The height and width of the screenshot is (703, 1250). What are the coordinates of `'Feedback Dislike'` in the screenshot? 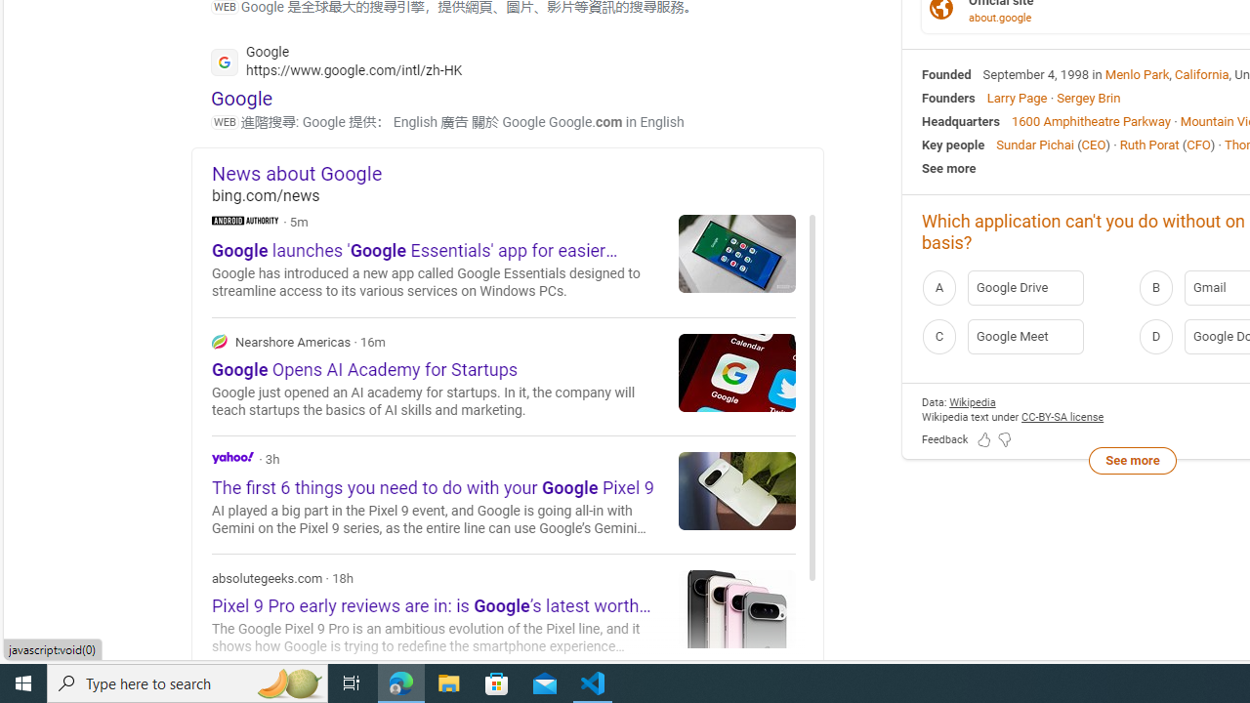 It's located at (1005, 440).